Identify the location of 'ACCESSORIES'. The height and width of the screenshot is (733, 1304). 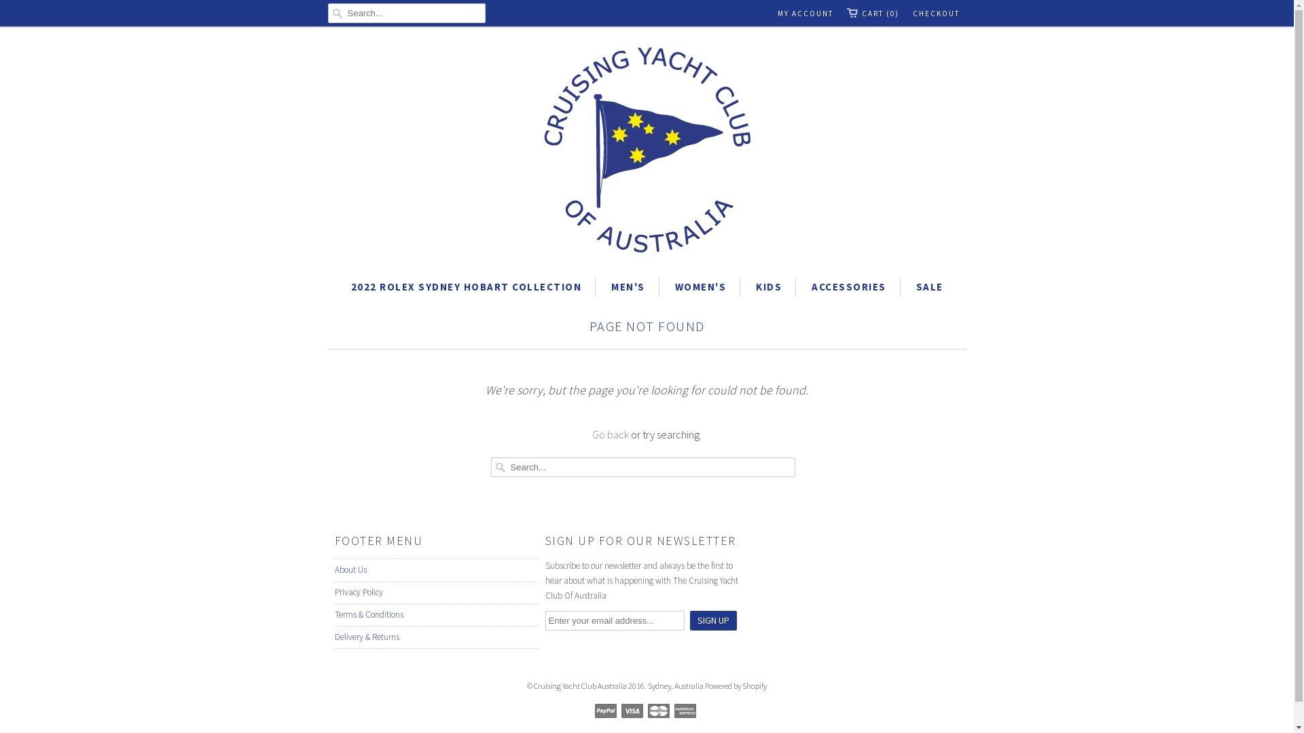
(848, 286).